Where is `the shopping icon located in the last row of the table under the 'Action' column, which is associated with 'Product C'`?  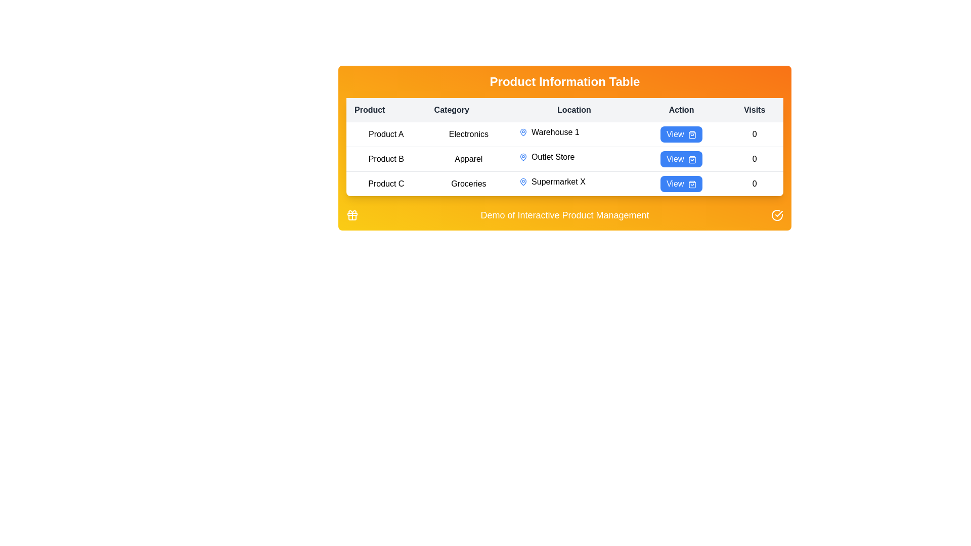 the shopping icon located in the last row of the table under the 'Action' column, which is associated with 'Product C' is located at coordinates (691, 184).